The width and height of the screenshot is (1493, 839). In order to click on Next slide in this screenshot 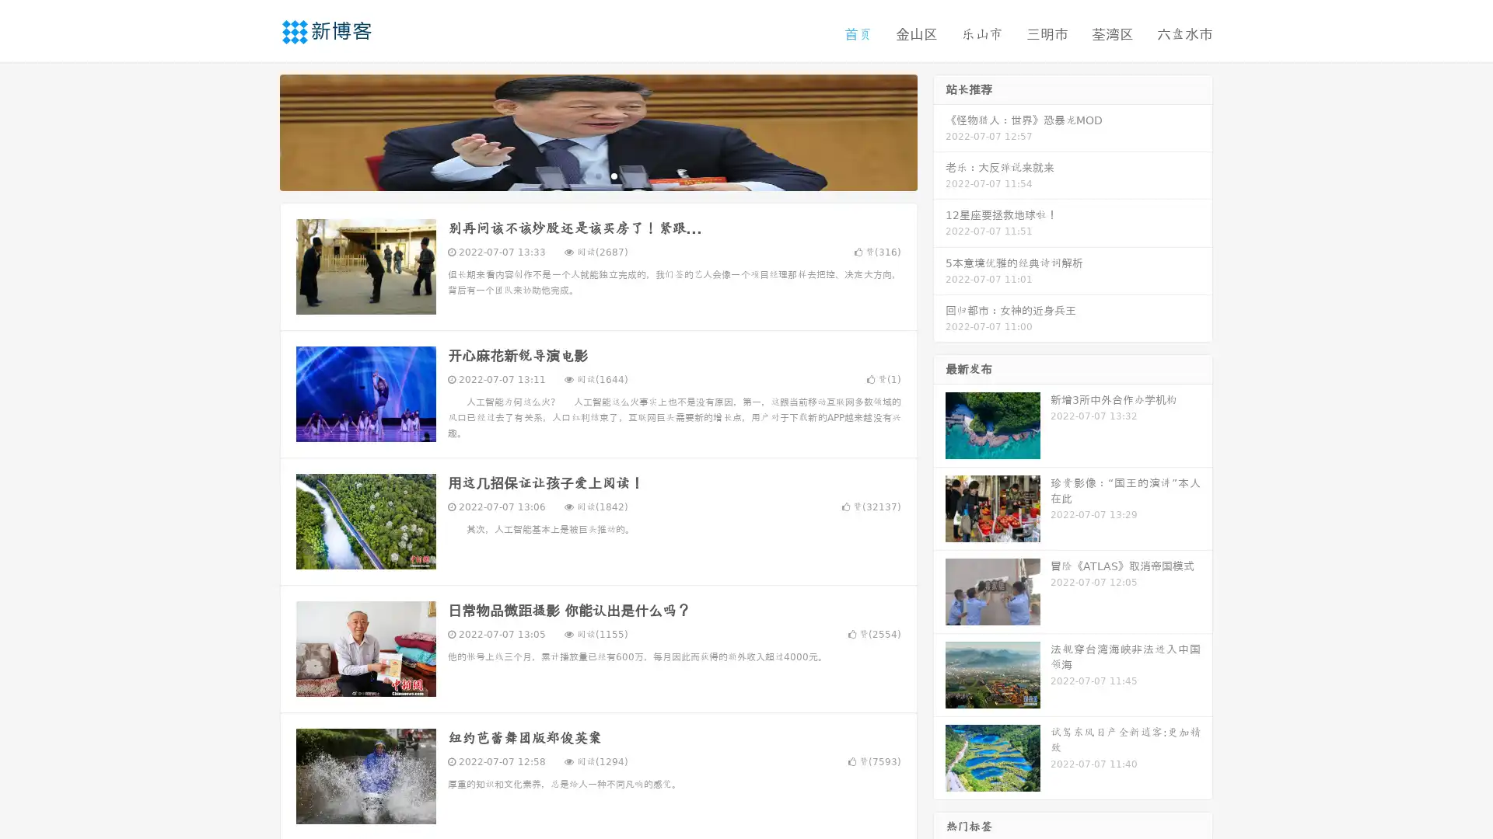, I will do `click(939, 131)`.